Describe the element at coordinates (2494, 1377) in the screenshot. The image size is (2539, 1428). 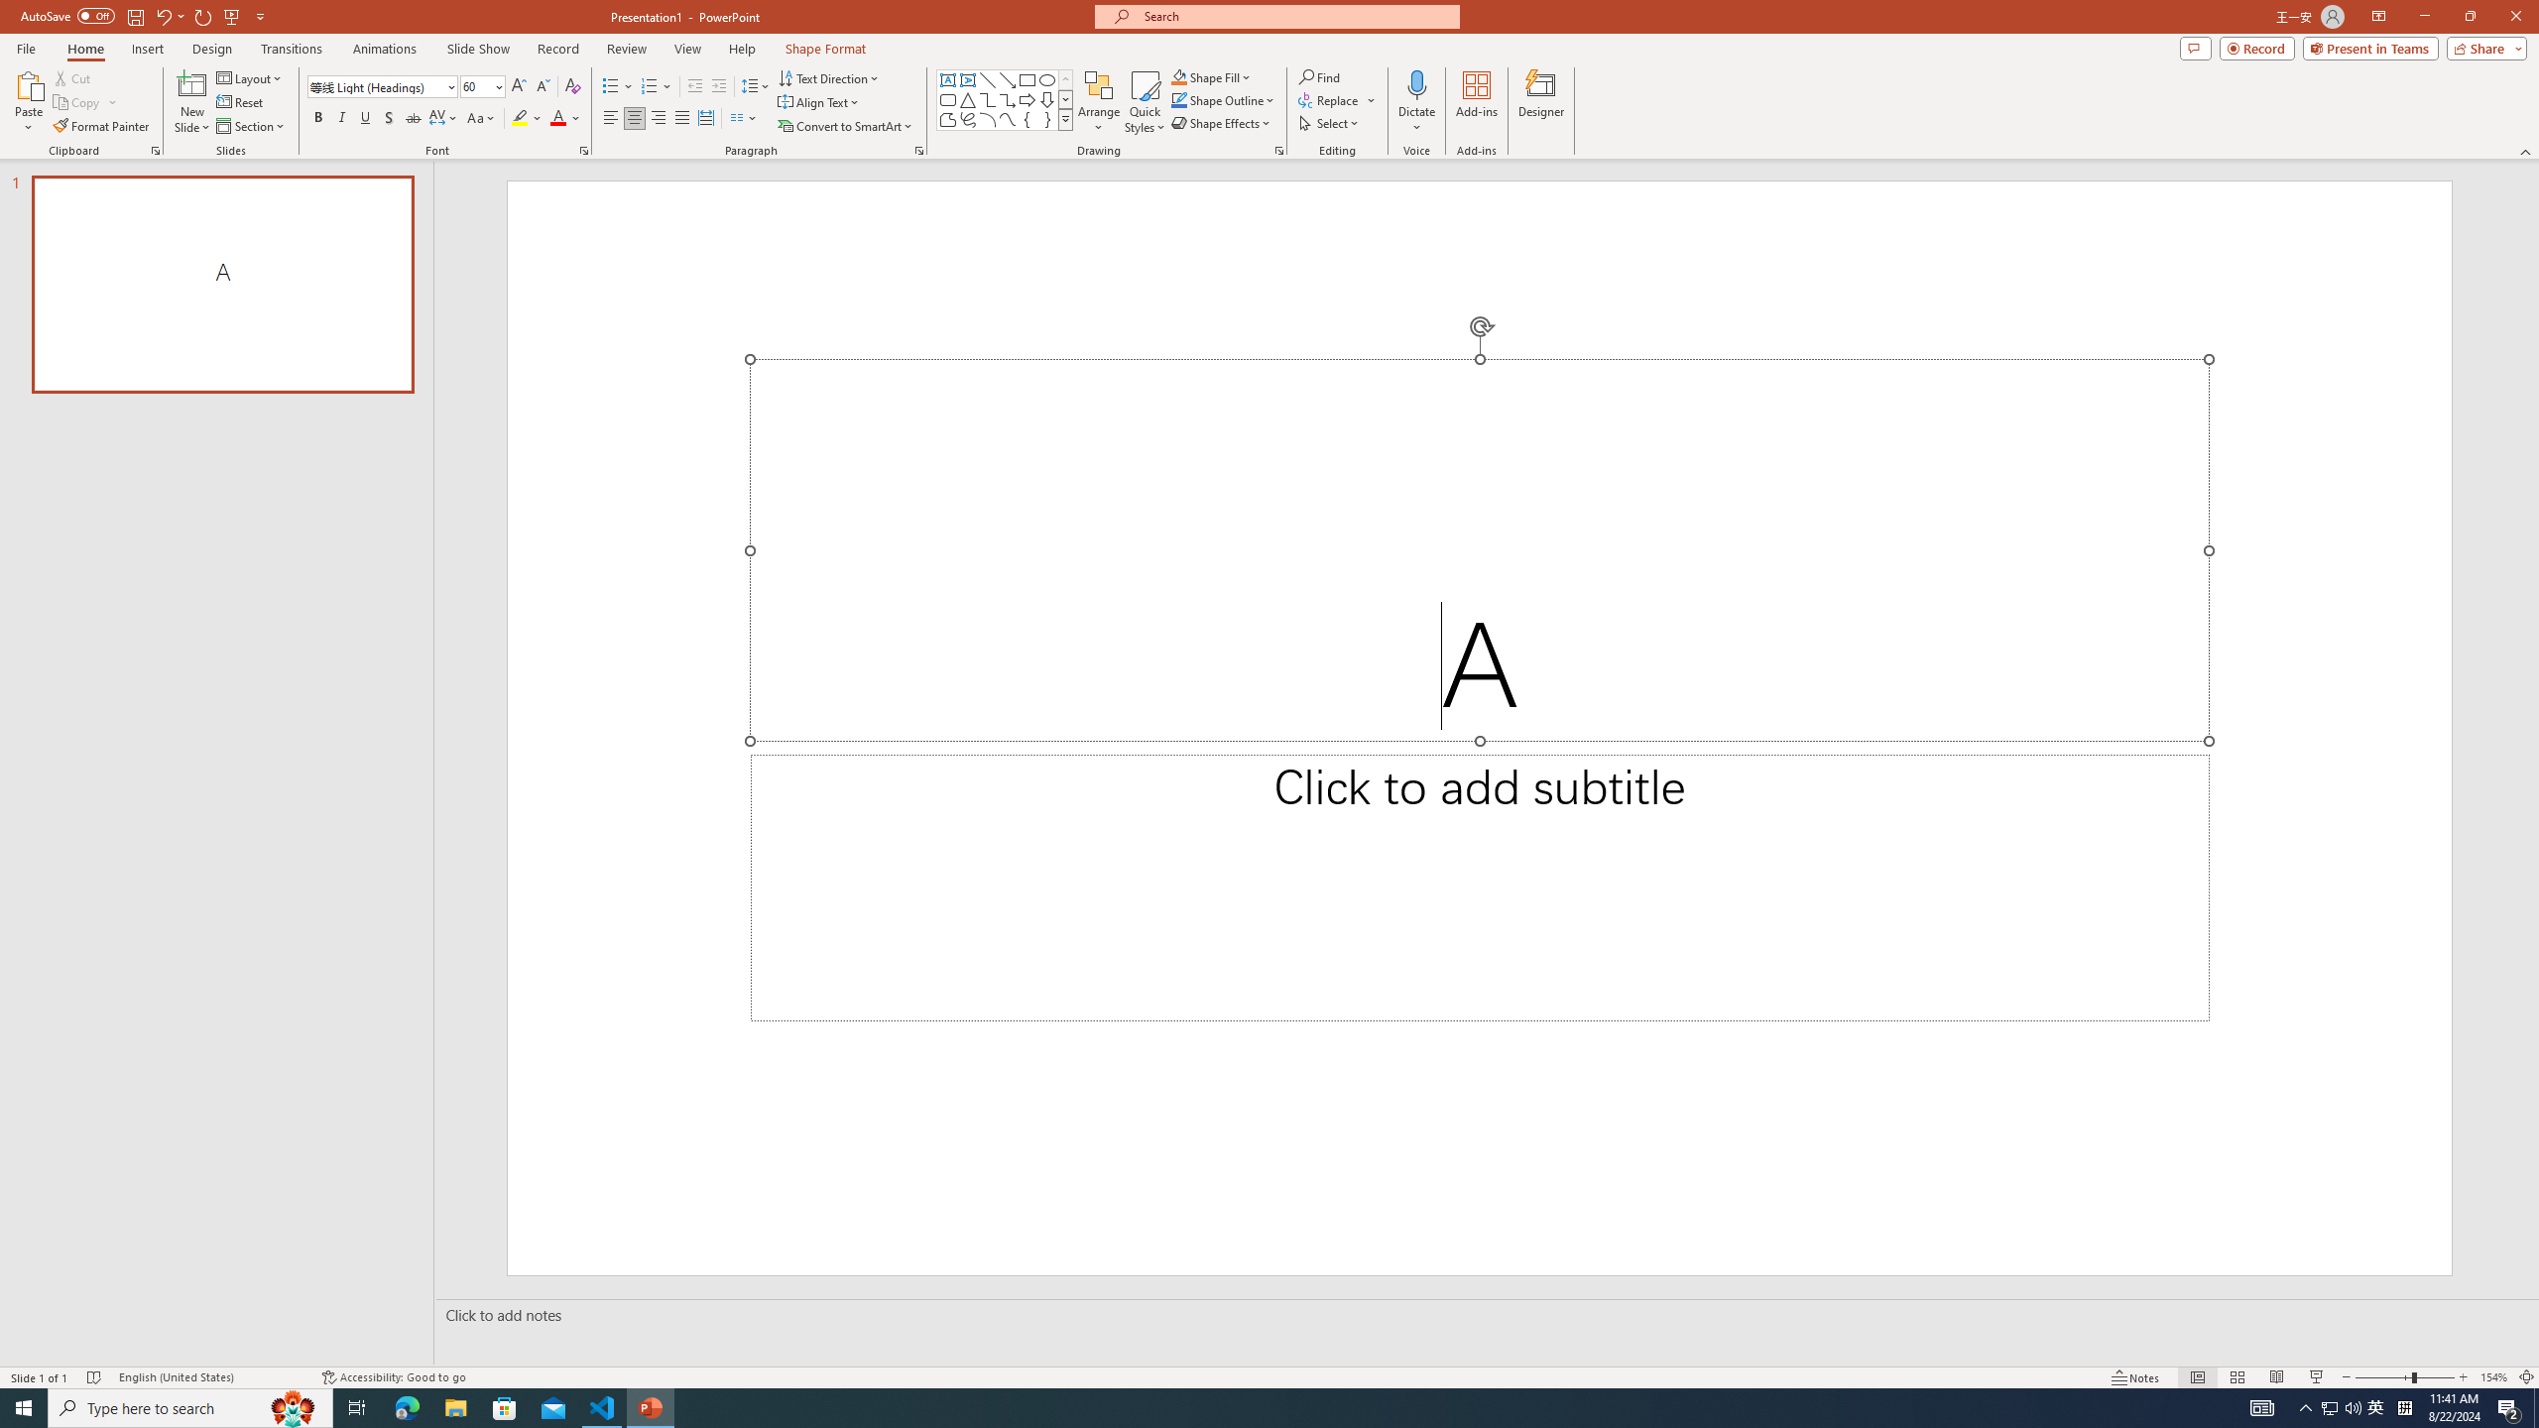
I see `'Zoom 154%'` at that location.